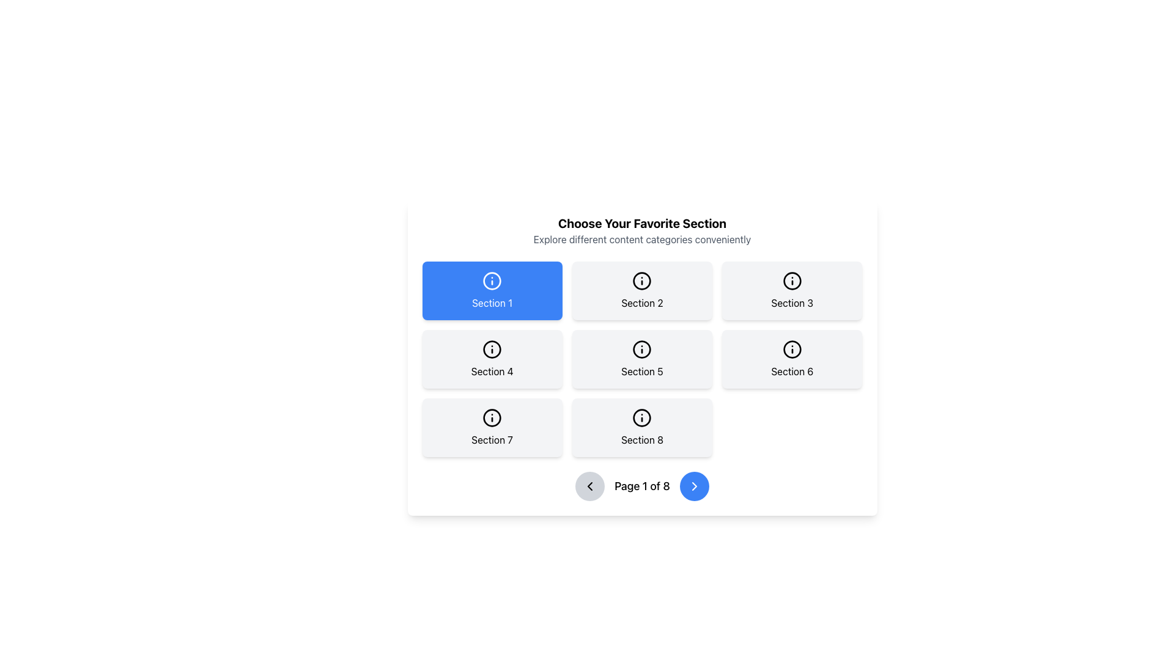  Describe the element at coordinates (492, 290) in the screenshot. I see `the button representing 'Section 1' located in the top-left corner of the 3x3 grid layout` at that location.